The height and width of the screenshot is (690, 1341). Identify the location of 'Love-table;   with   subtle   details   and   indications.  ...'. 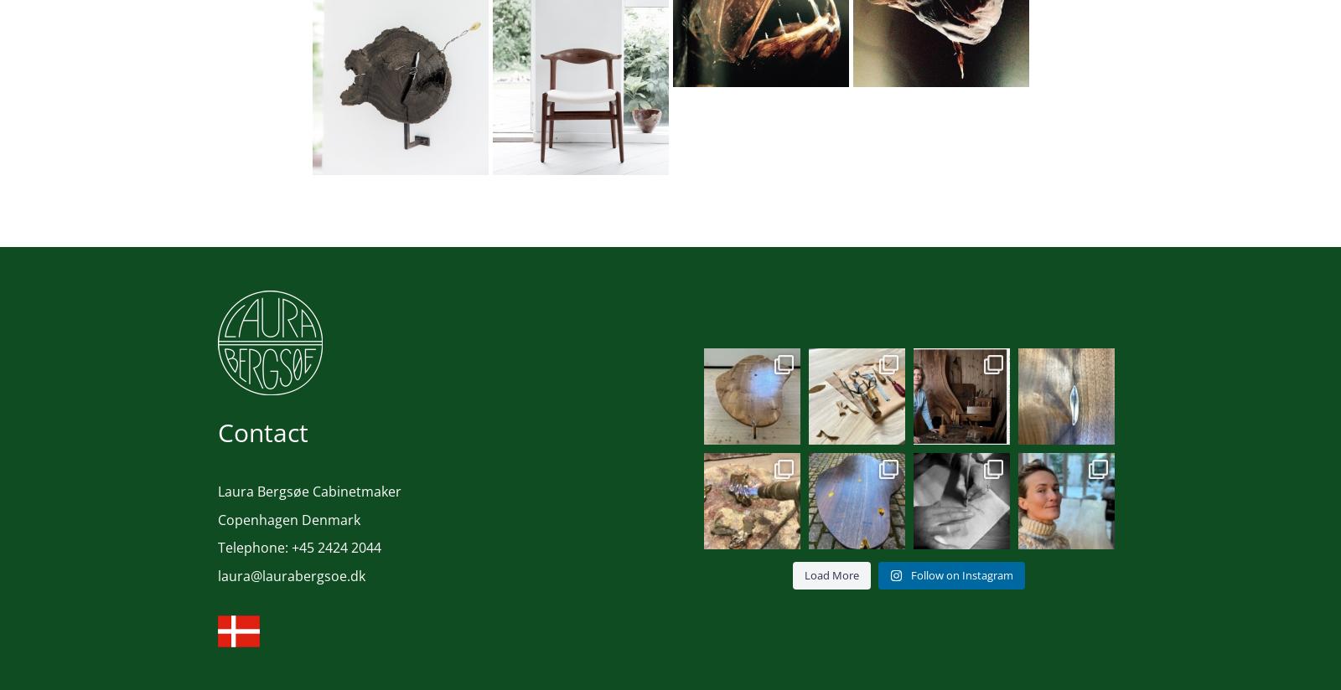
(750, 370).